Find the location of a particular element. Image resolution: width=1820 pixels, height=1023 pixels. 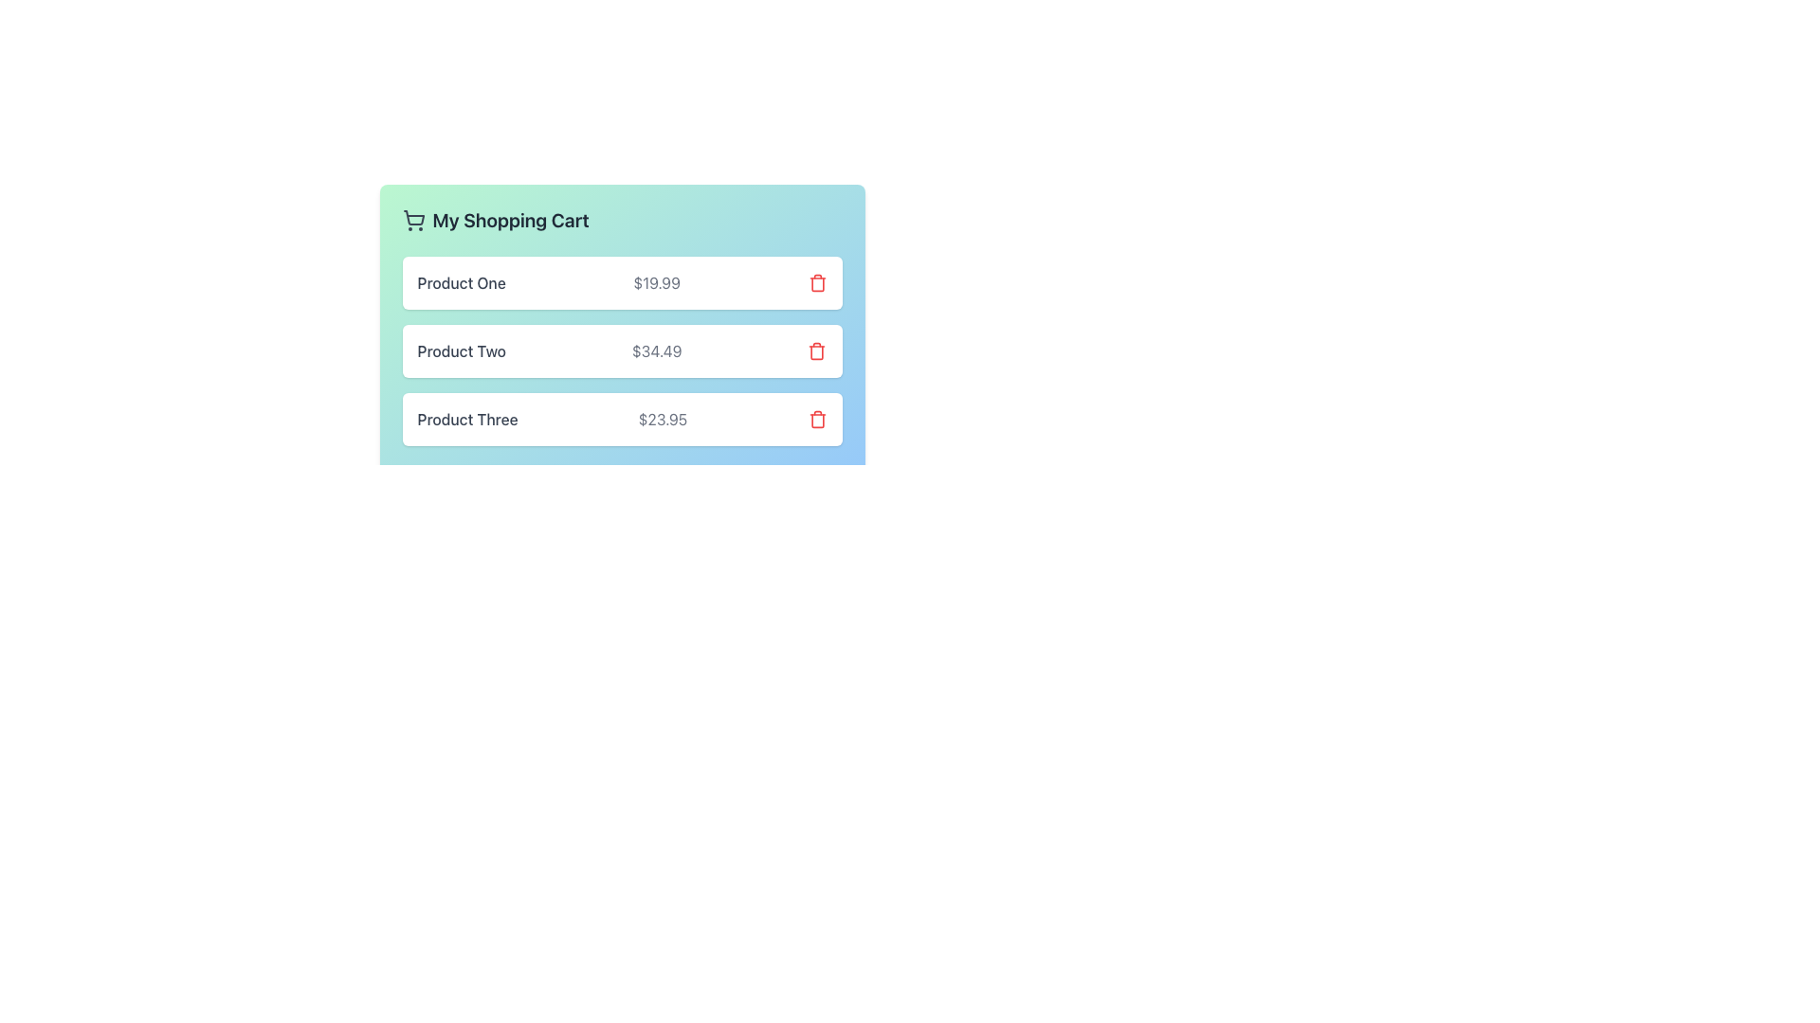

the middle segment of the trash can icon, which is outlined in red and represents the delete functionality, located to the right of 'Product Two' is located at coordinates (817, 352).